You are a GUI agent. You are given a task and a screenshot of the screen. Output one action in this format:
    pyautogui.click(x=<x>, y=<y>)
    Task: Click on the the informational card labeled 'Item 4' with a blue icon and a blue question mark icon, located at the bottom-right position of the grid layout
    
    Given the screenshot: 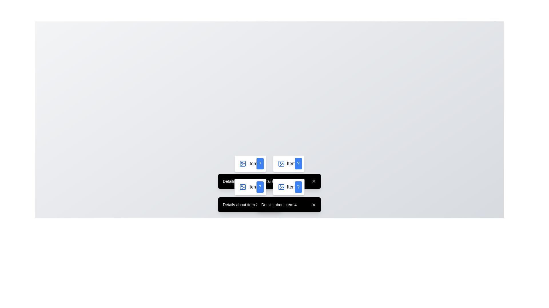 What is the action you would take?
    pyautogui.click(x=289, y=187)
    